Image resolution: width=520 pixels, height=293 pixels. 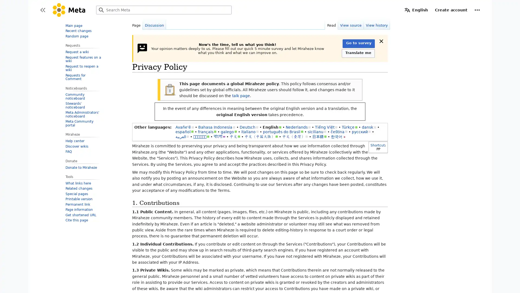 I want to click on Toggle sidebar, so click(x=43, y=10).